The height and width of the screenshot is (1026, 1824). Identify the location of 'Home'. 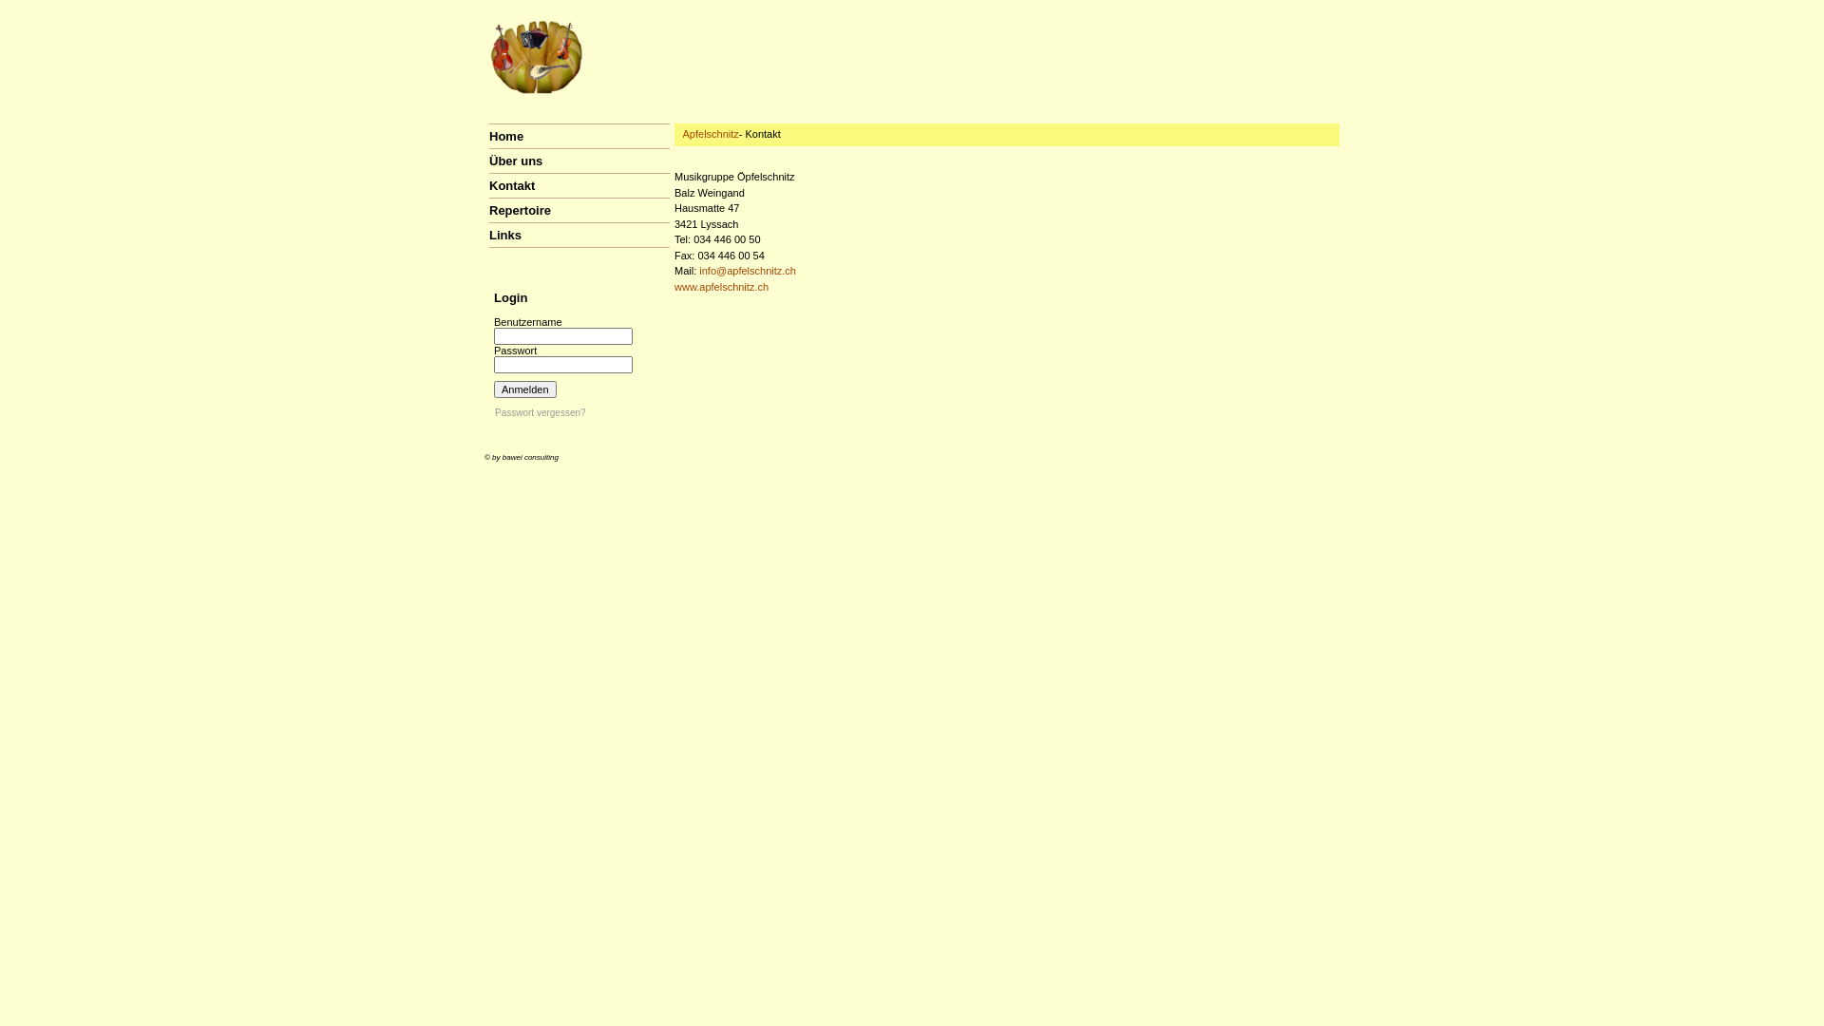
(505, 135).